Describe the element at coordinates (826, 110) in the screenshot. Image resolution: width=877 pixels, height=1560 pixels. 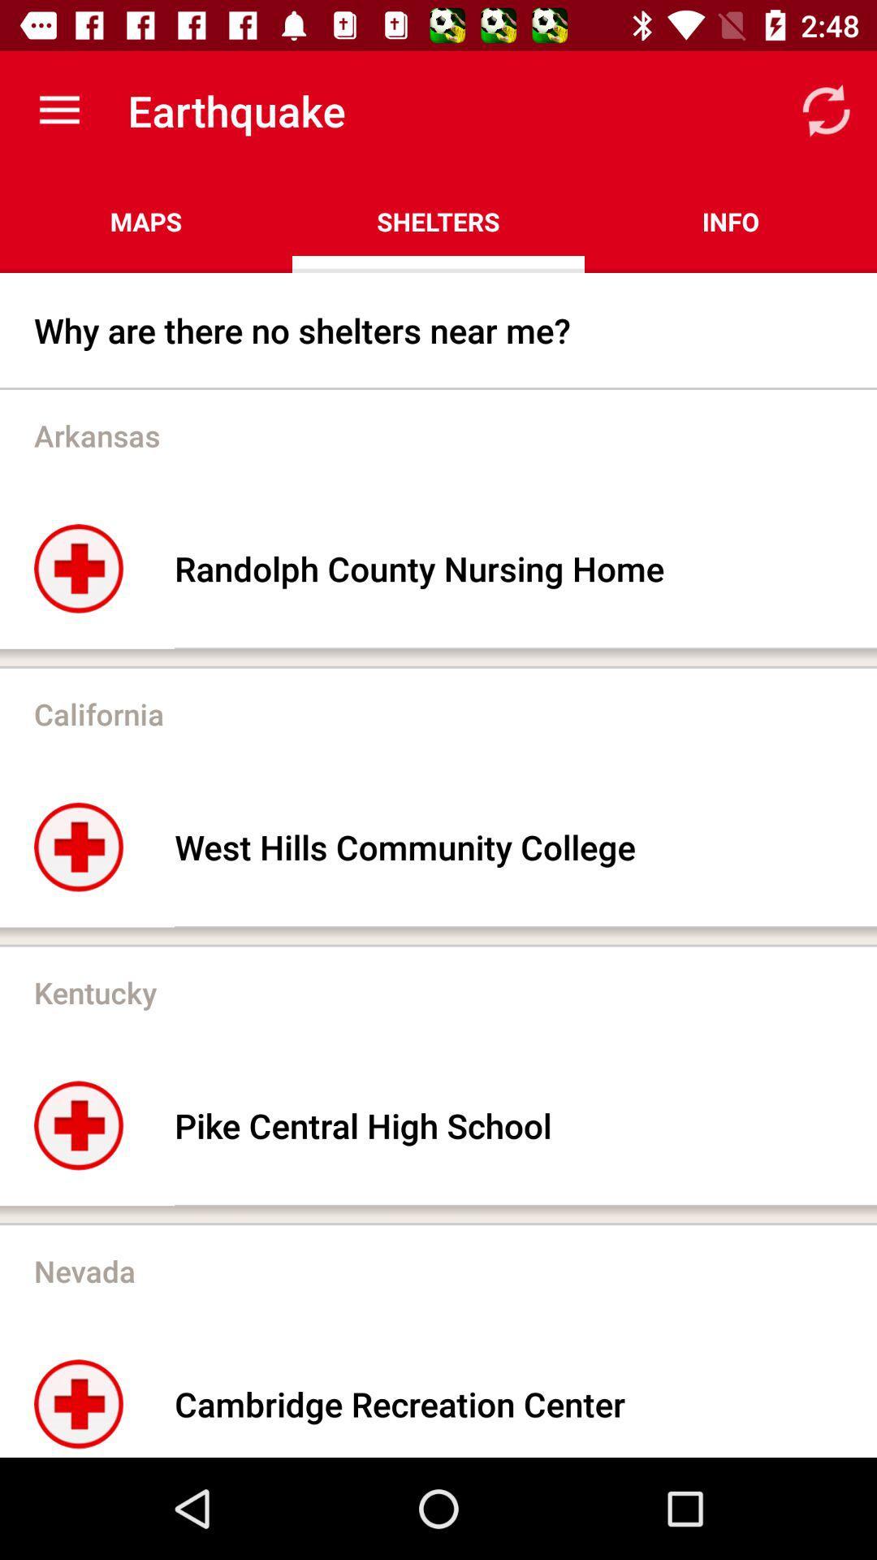
I see `the icon above info` at that location.